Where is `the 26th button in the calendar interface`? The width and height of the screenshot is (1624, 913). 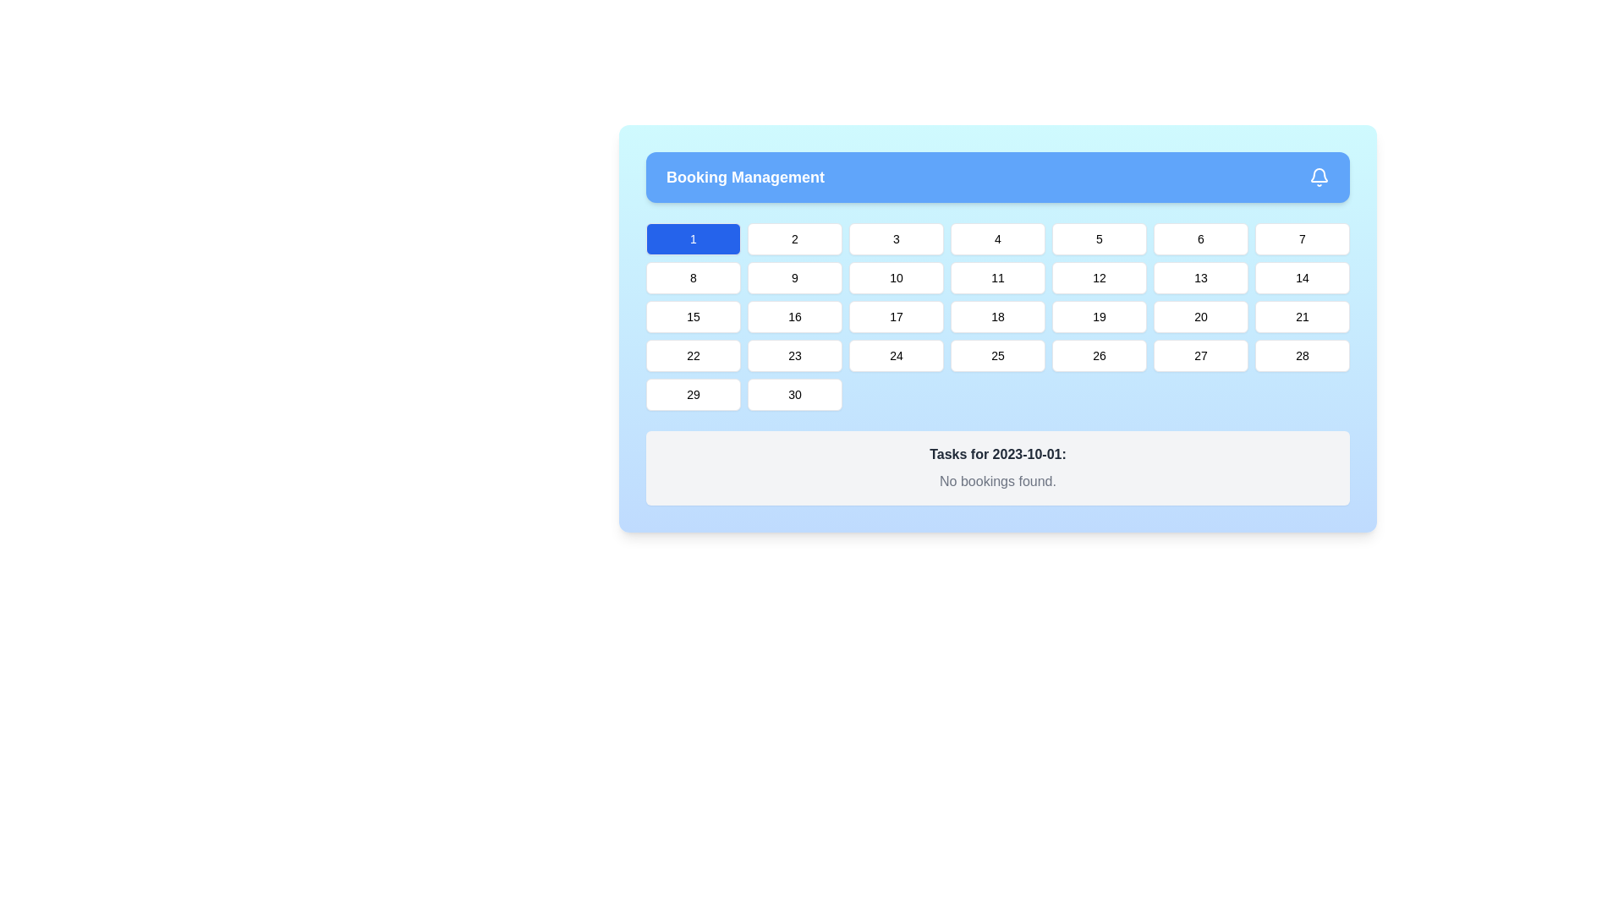 the 26th button in the calendar interface is located at coordinates (1100, 354).